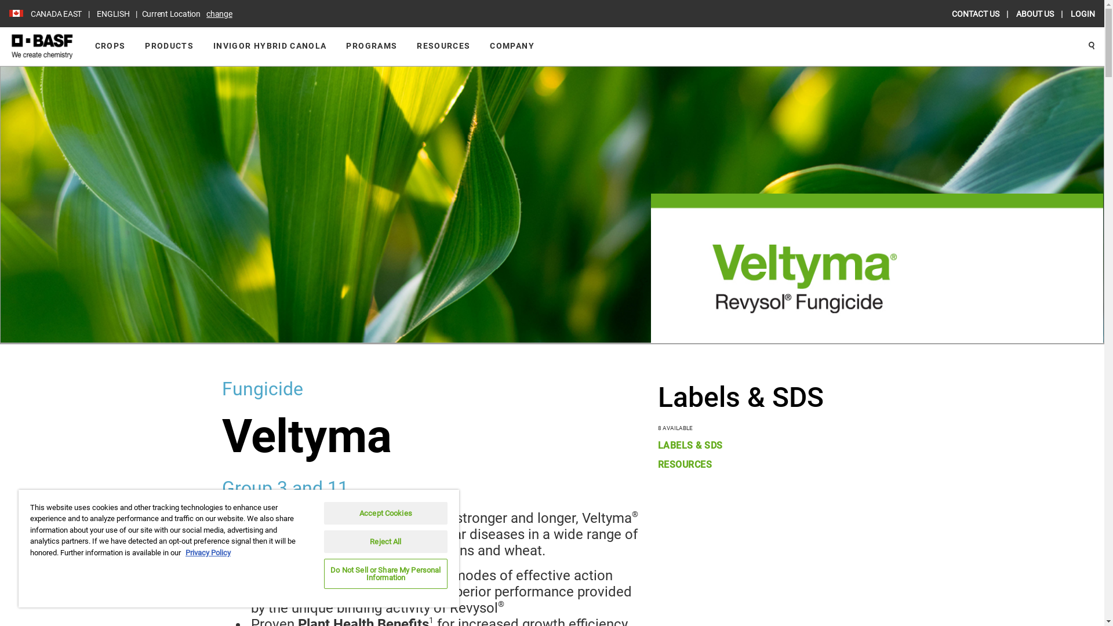 This screenshot has width=1113, height=626. I want to click on 'change', so click(219, 13).